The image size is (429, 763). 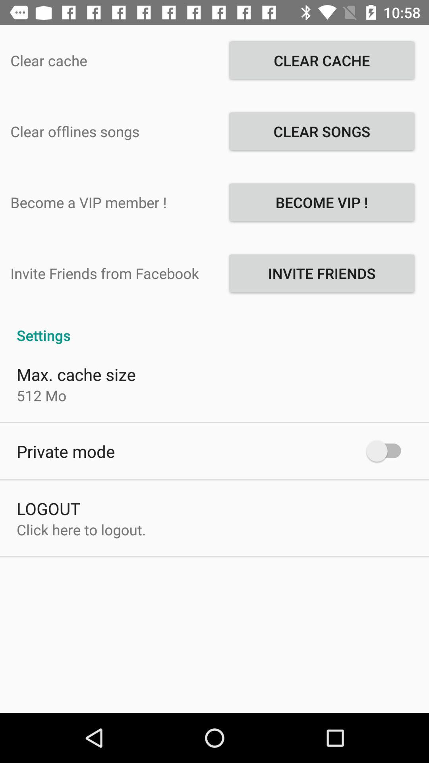 I want to click on app above the max. cache size icon, so click(x=214, y=327).